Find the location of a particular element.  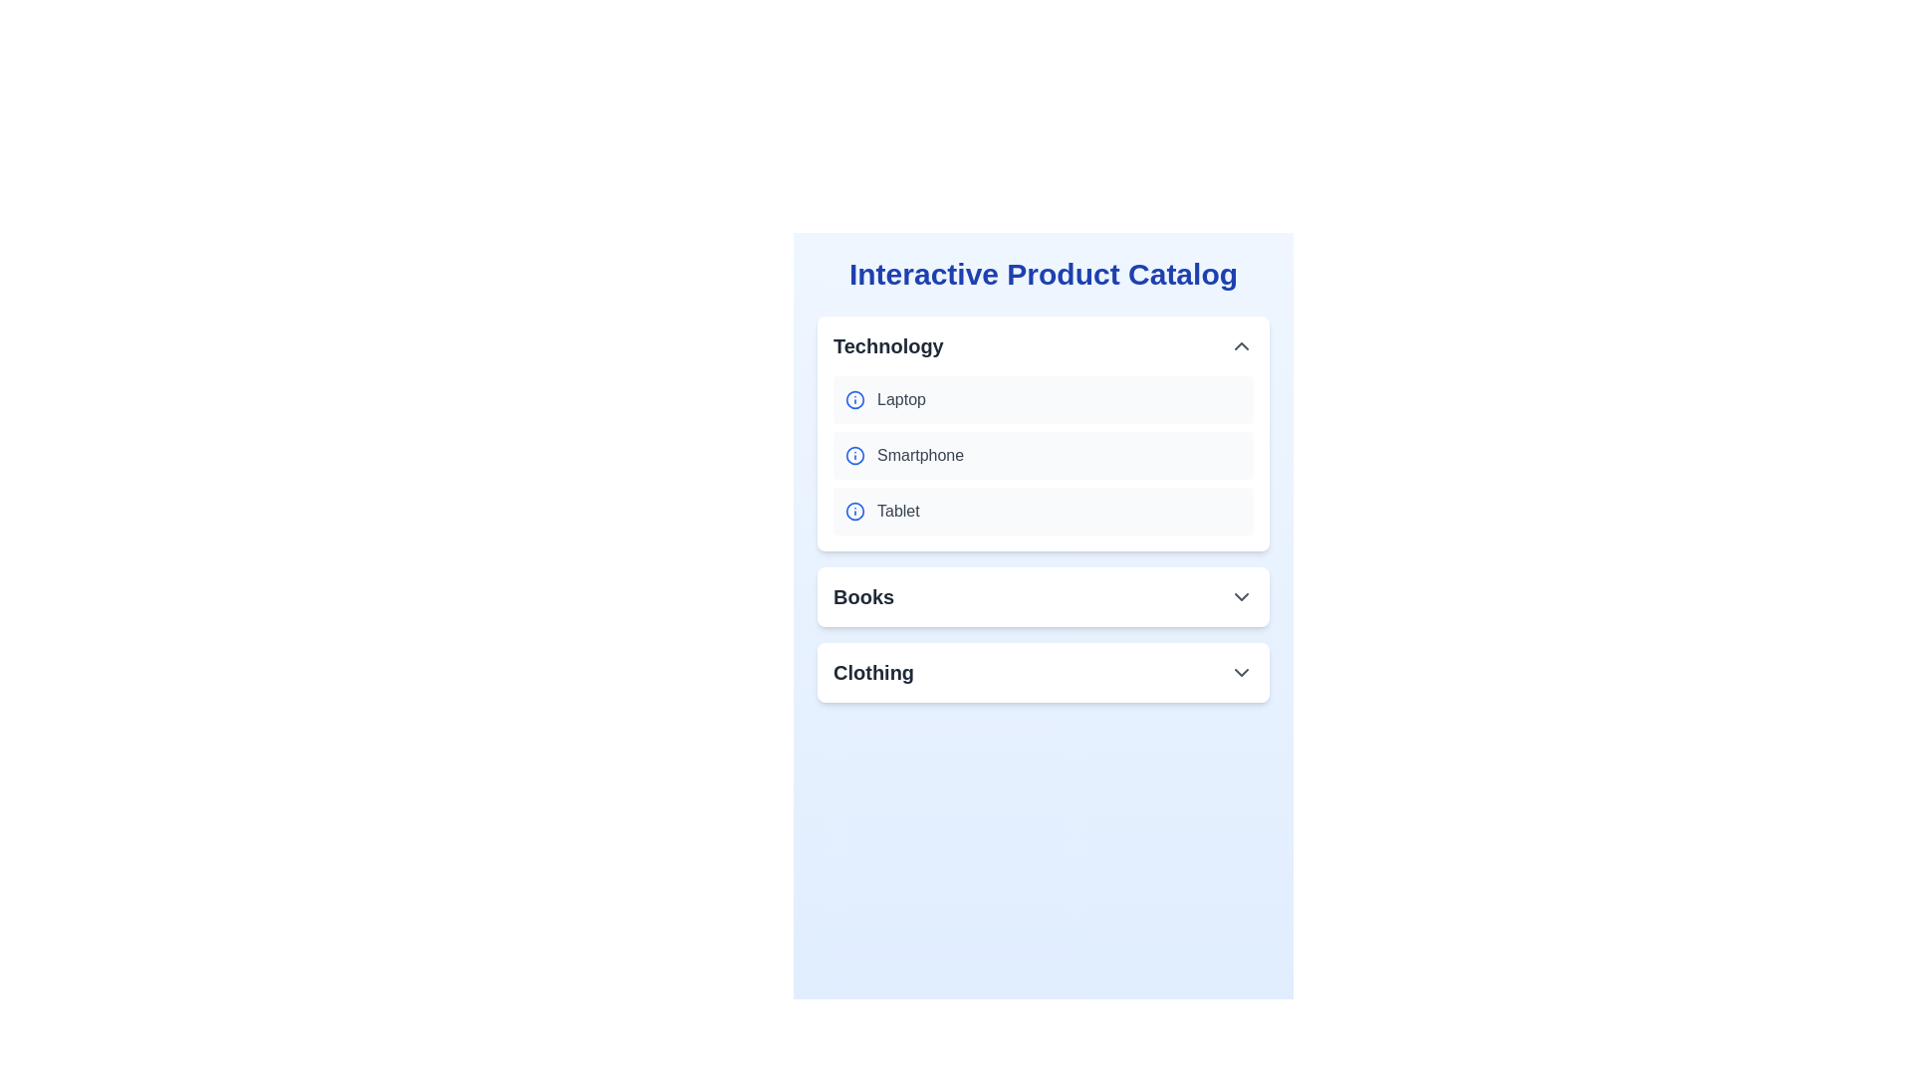

the dropdown selector item for the 'Clothing' category, which is located centrally within the 'Books' box and below the 'Technology' section is located at coordinates (1042, 672).